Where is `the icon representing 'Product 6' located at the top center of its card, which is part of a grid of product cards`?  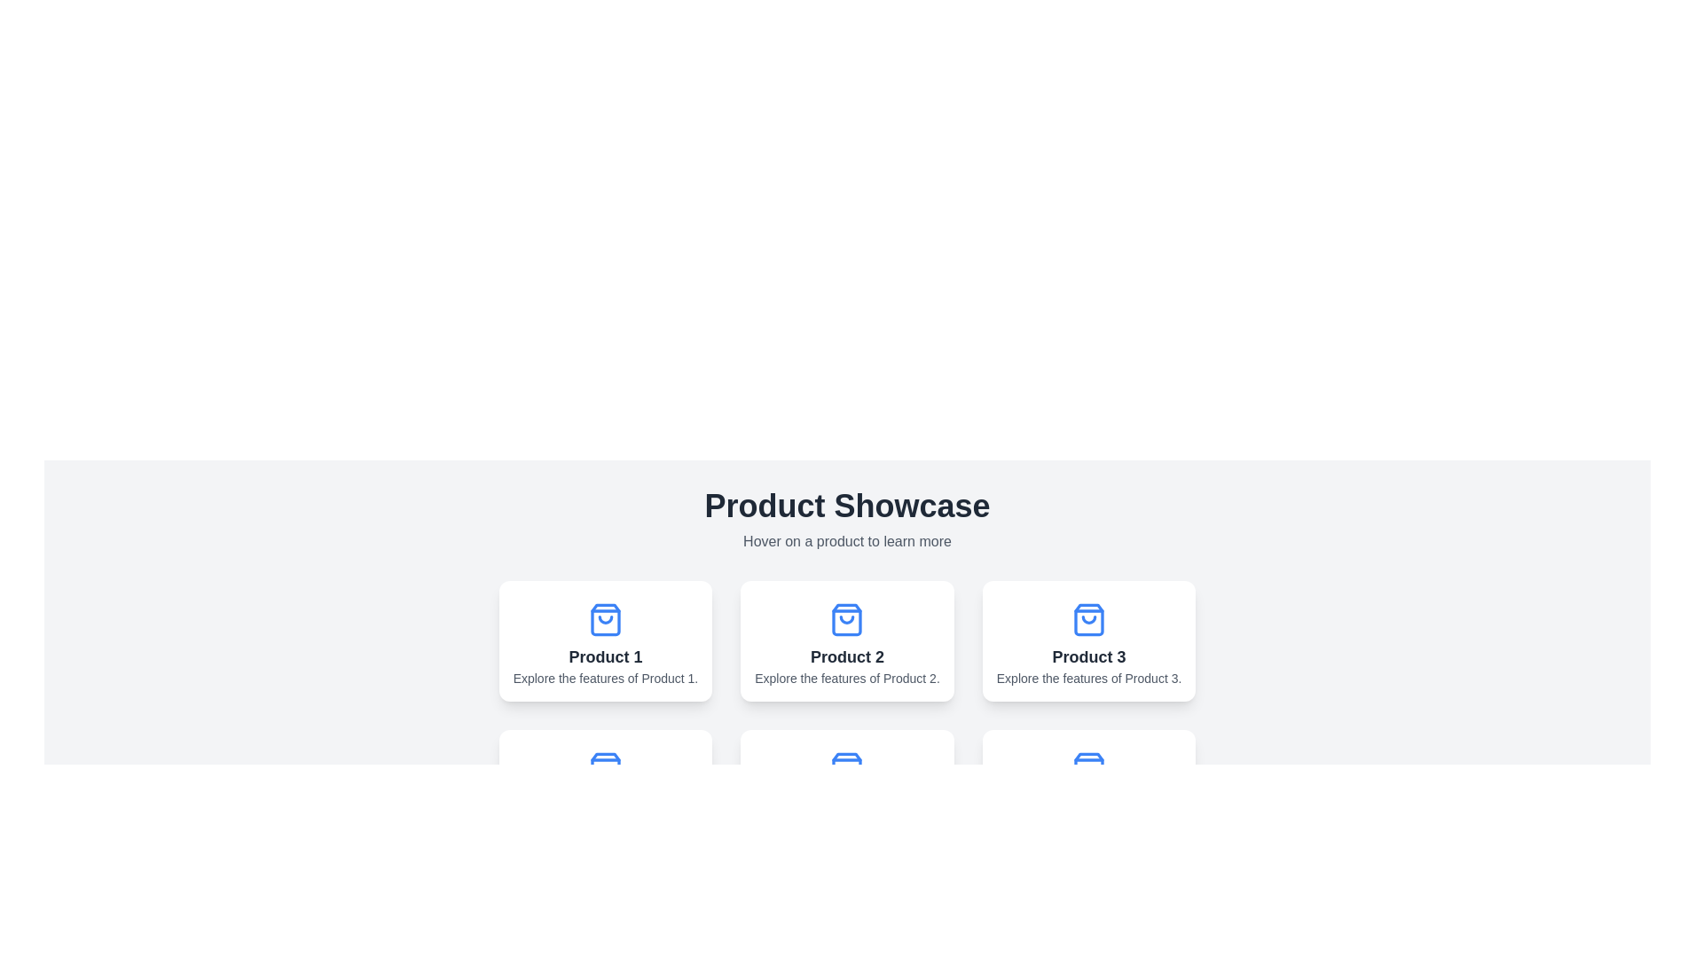
the icon representing 'Product 6' located at the top center of its card, which is part of a grid of product cards is located at coordinates (1088, 768).